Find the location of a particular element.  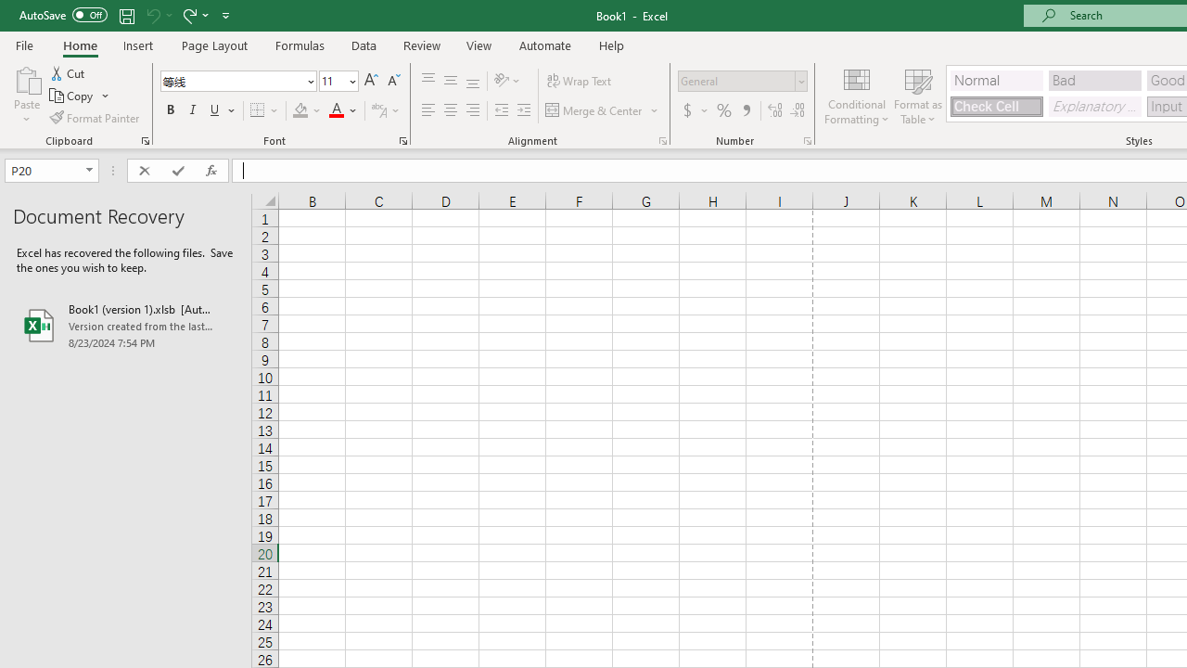

'Underline' is located at coordinates (223, 110).